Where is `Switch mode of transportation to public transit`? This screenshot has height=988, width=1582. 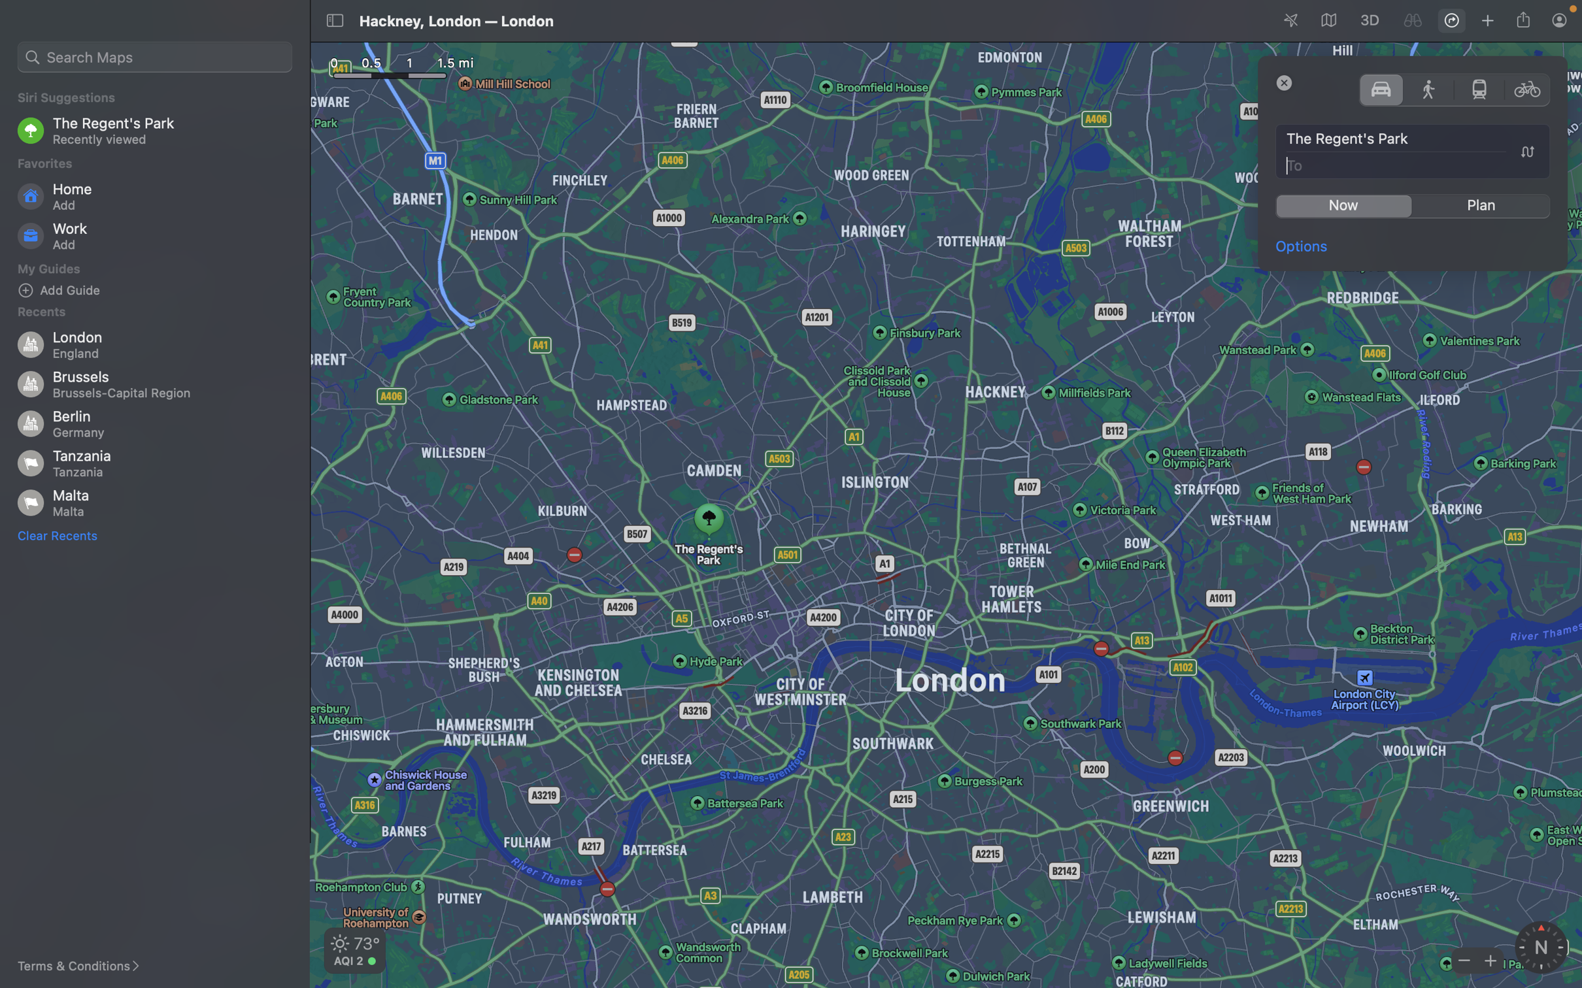
Switch mode of transportation to public transit is located at coordinates (1479, 88).